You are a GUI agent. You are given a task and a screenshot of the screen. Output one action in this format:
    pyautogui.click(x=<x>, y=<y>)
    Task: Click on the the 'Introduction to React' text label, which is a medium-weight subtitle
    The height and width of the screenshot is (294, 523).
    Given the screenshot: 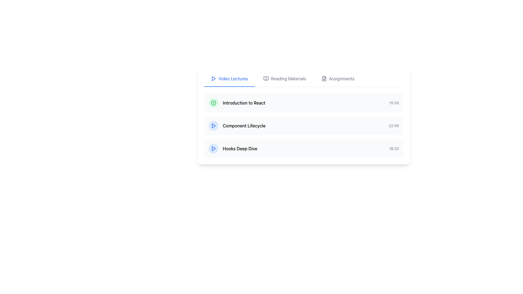 What is the action you would take?
    pyautogui.click(x=244, y=103)
    